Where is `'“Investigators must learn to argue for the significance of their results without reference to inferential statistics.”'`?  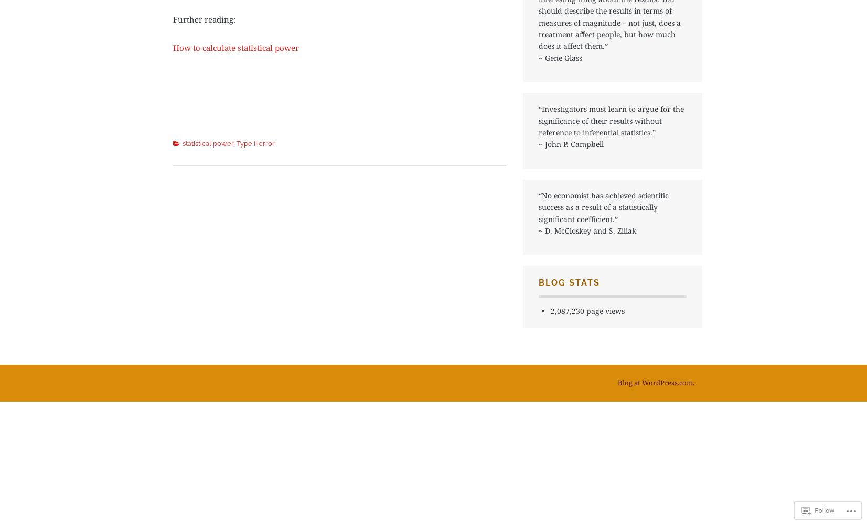
'“Investigators must learn to argue for the significance of their results without reference to inferential statistics.”' is located at coordinates (611, 120).